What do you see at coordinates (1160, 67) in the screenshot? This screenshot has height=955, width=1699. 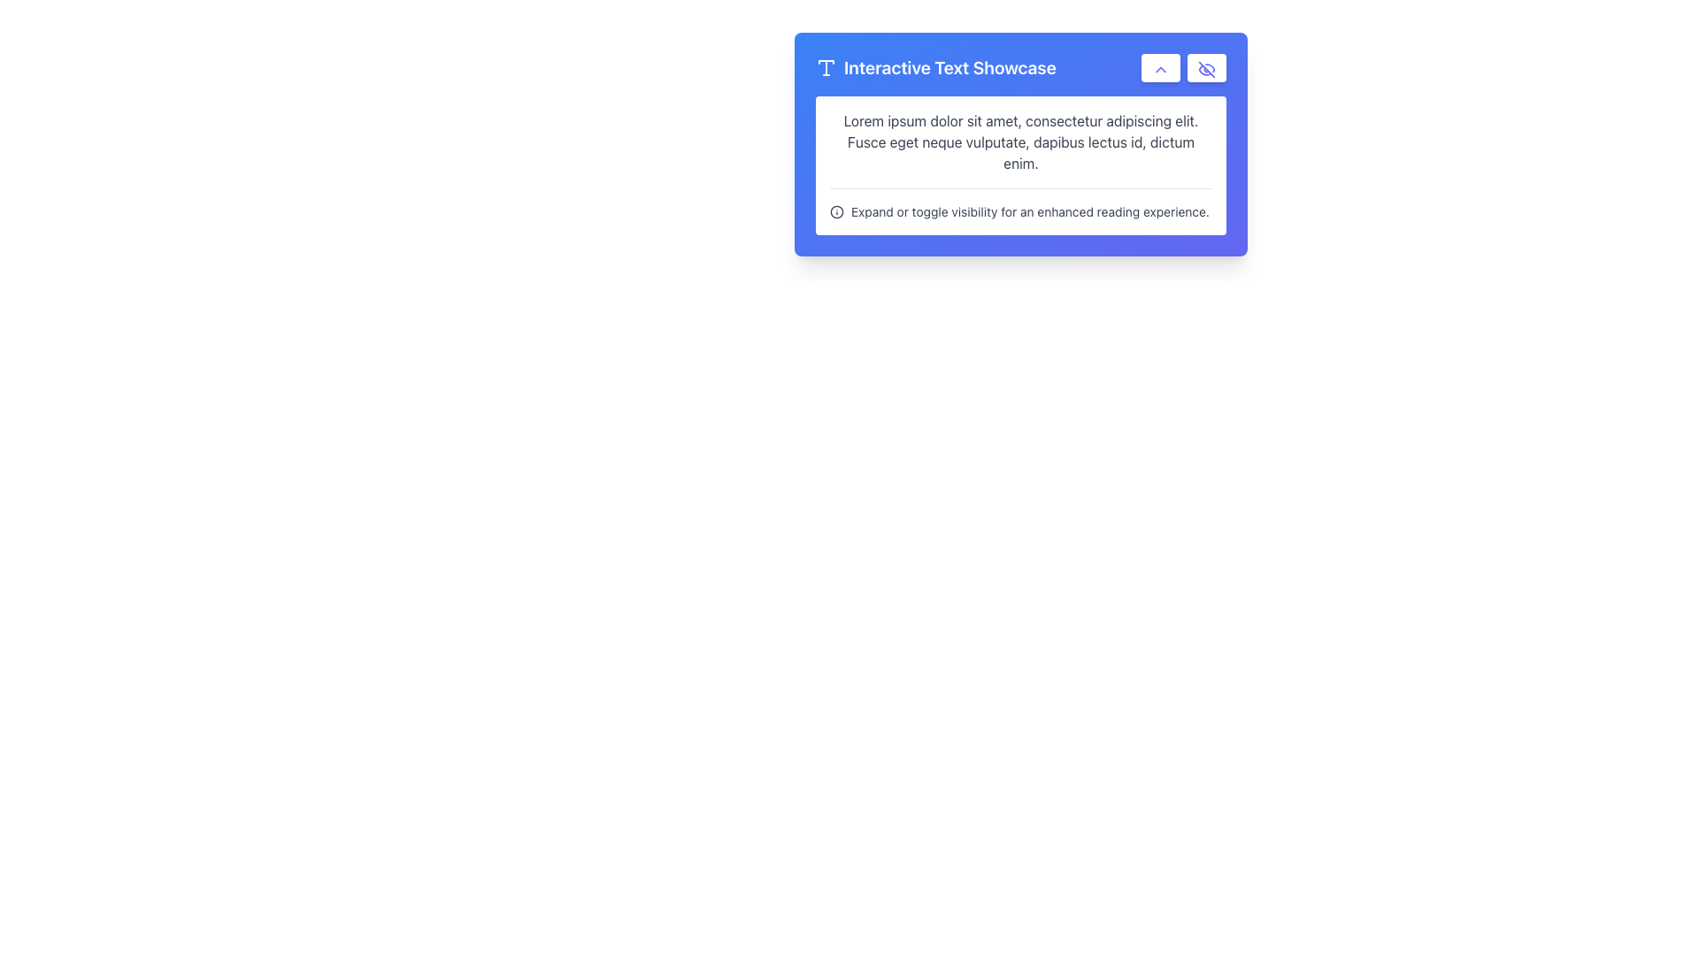 I see `the upward pointing arrow button located at the top-right corner of the blue information card` at bounding box center [1160, 67].